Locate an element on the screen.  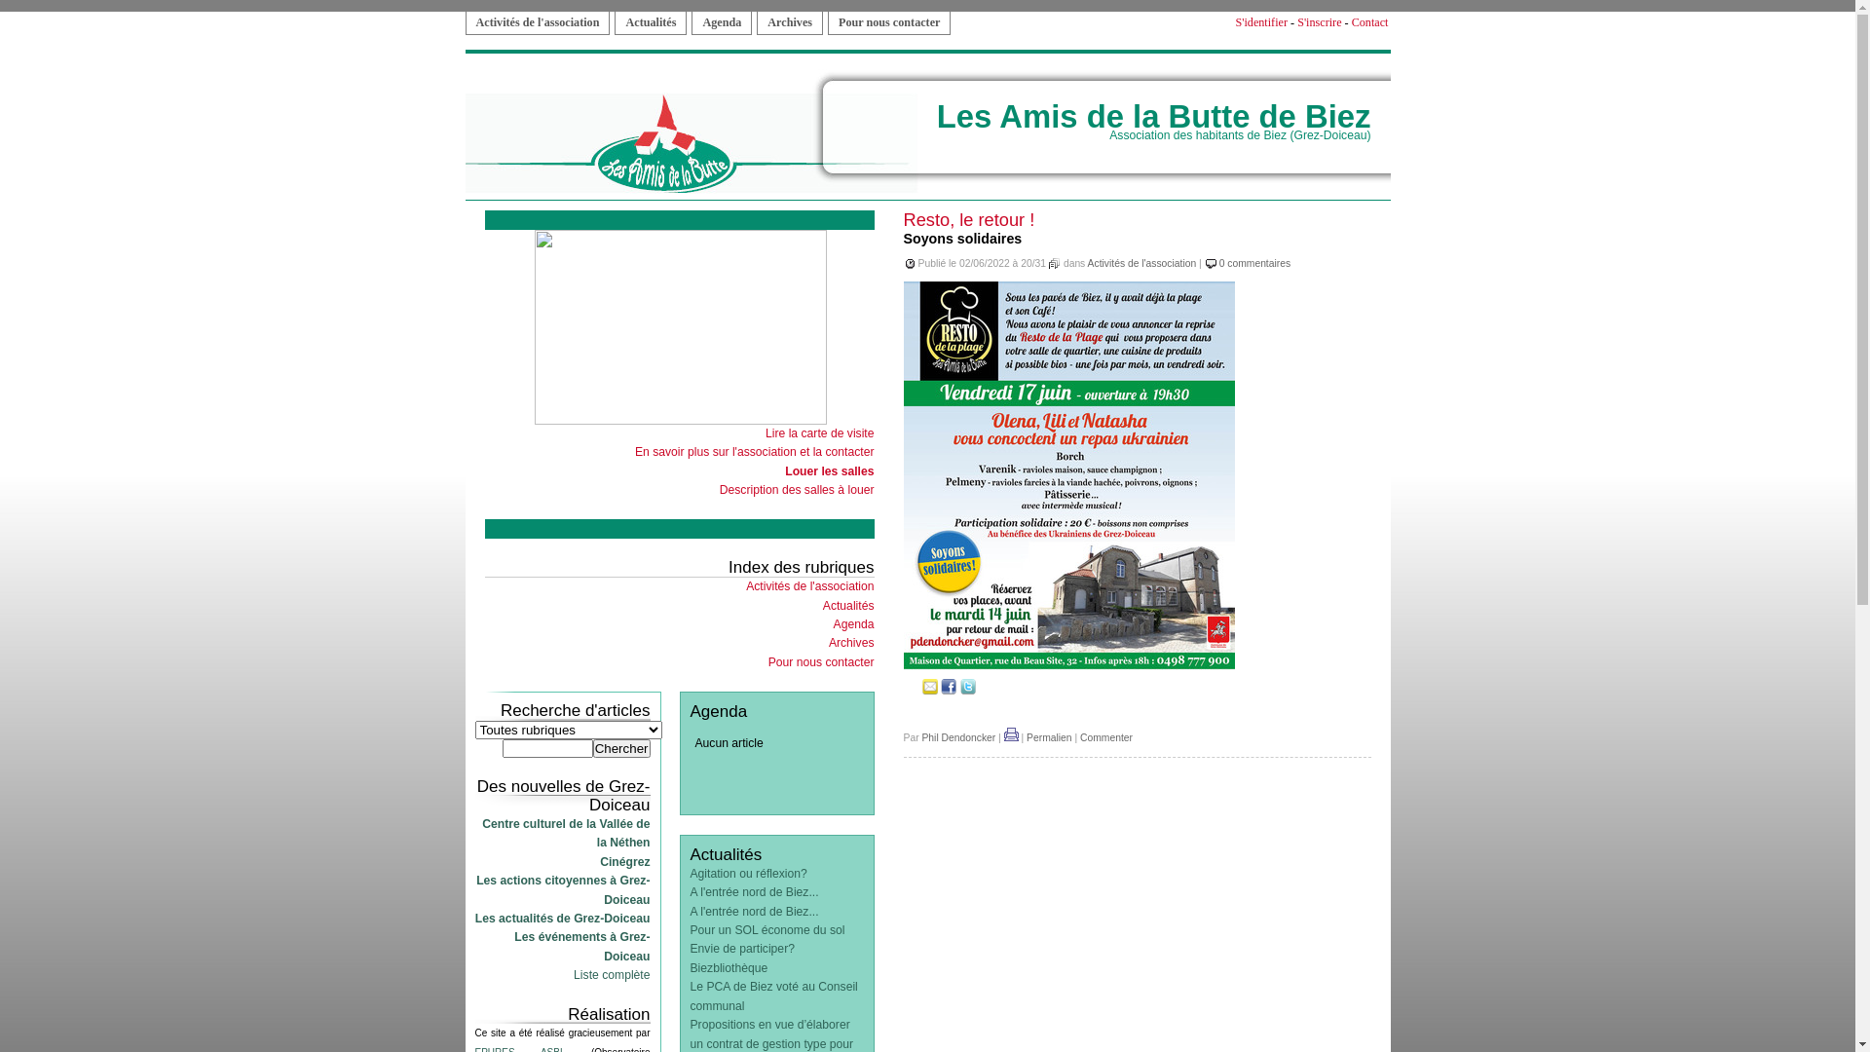
'Zoom' is located at coordinates (1068, 664).